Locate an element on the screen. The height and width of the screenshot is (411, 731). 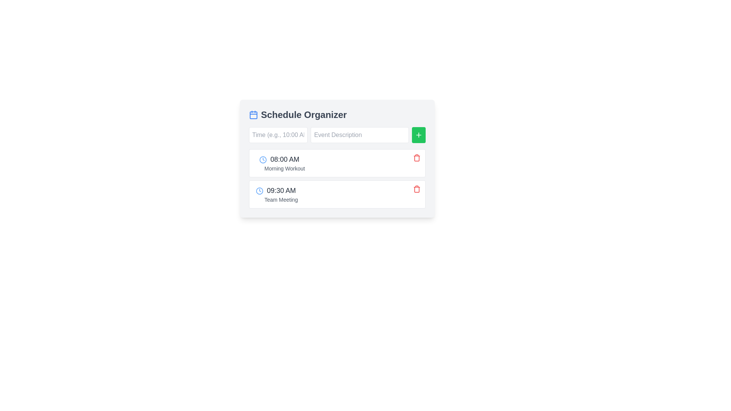
the Text Display with Icon that indicates the start time of the 'Team Meeting' event in the schedule is located at coordinates (275, 190).